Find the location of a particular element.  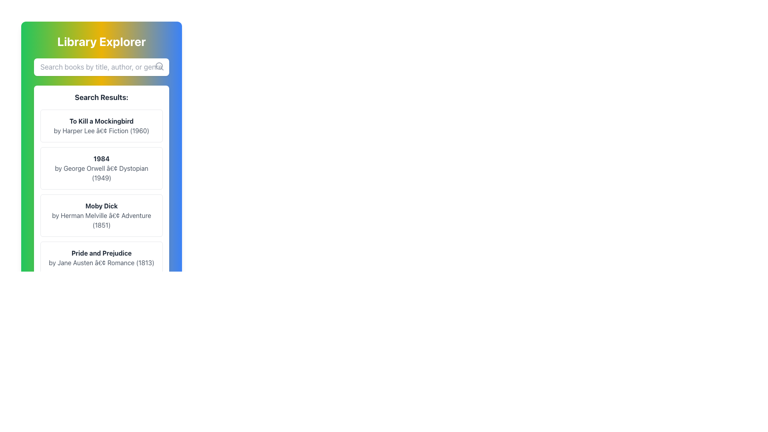

the text label that reads 'by Herman Melville • Adventure (1851)' located directly below the title 'Moby Dick' in the second result box under the 'Search Results' section is located at coordinates (101, 220).